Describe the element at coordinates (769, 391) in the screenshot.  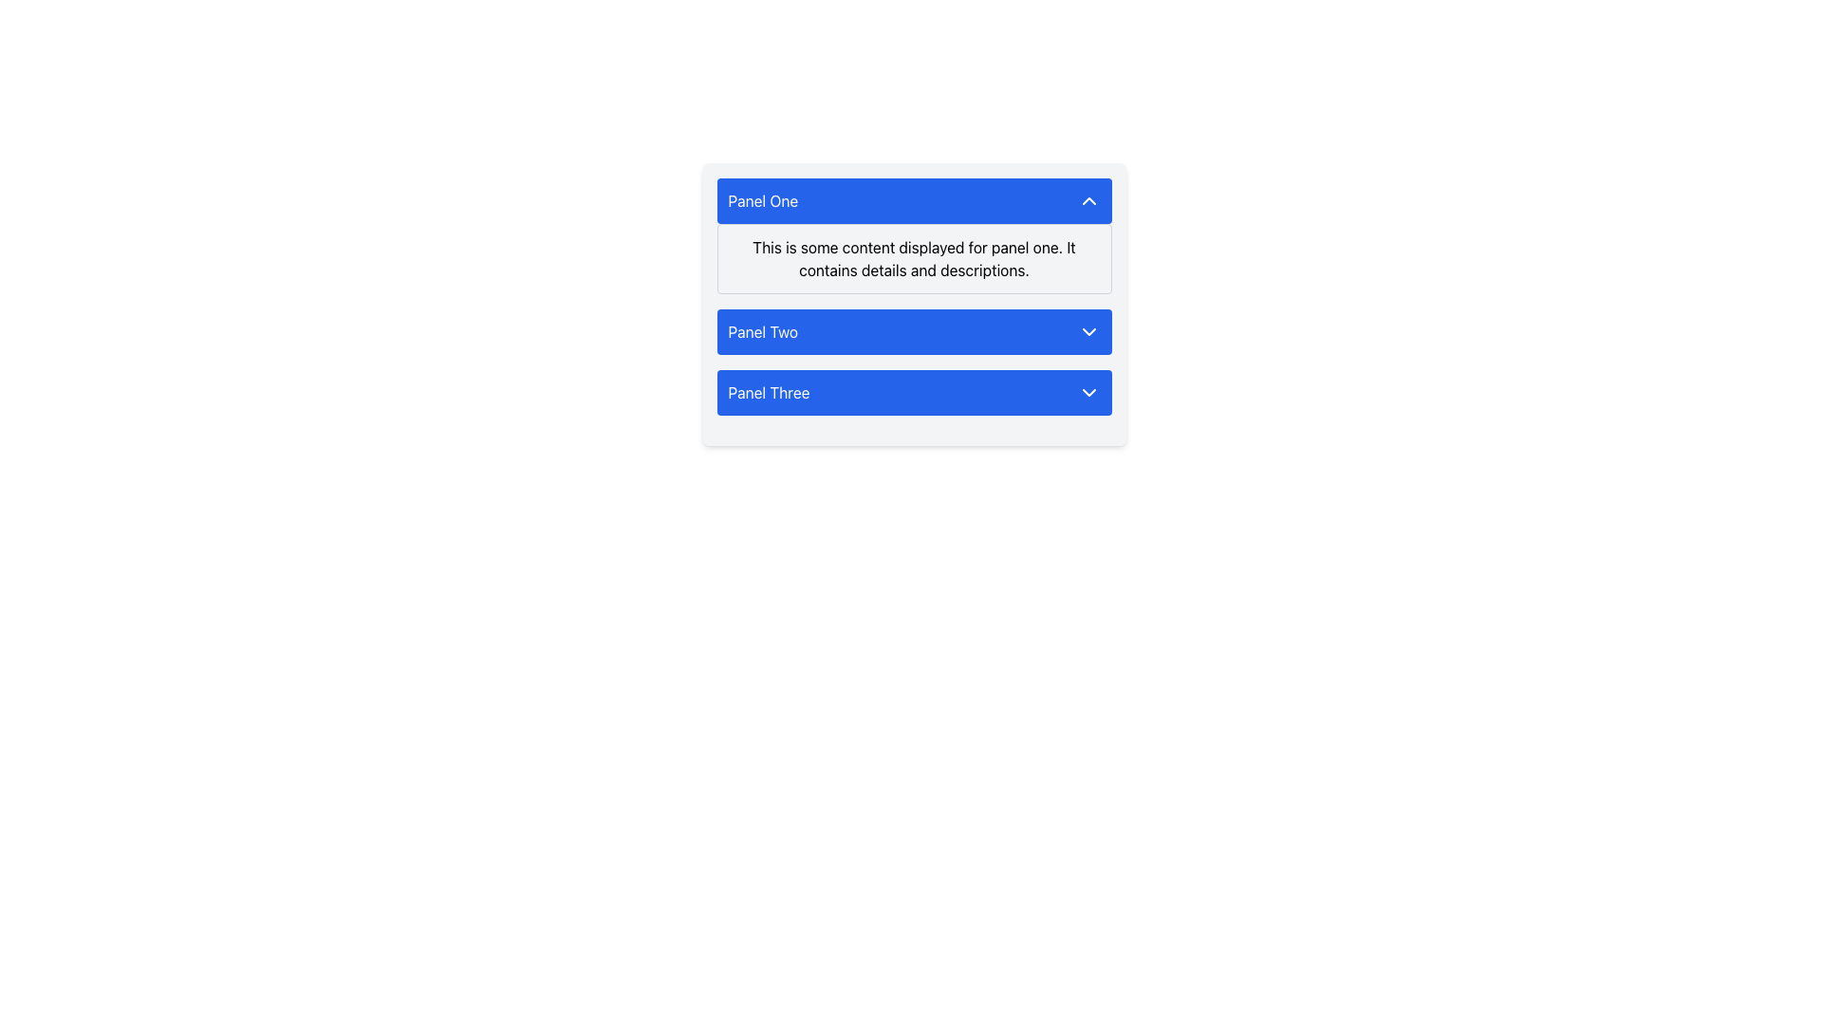
I see `text label indicating the identifier of the collapsible section labeled 'Panel Three' located at the bottom section of the grouped panel navigation layout, adjacent to a chevron icon` at that location.